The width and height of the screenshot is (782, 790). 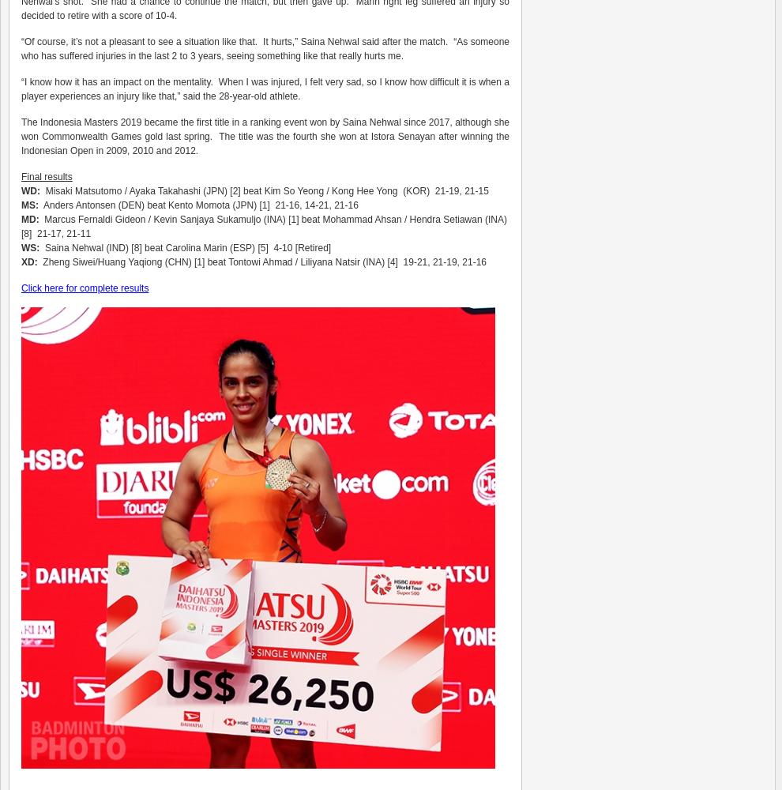 What do you see at coordinates (265, 49) in the screenshot?
I see `'“Of course, it’s not a pleasant to see a situation like that.  It hurts,” Saina Nehwal said after the match.  “As someone who has suffered injuries in the last 2 to 3 years, seeing something like that really hurts me.'` at bounding box center [265, 49].